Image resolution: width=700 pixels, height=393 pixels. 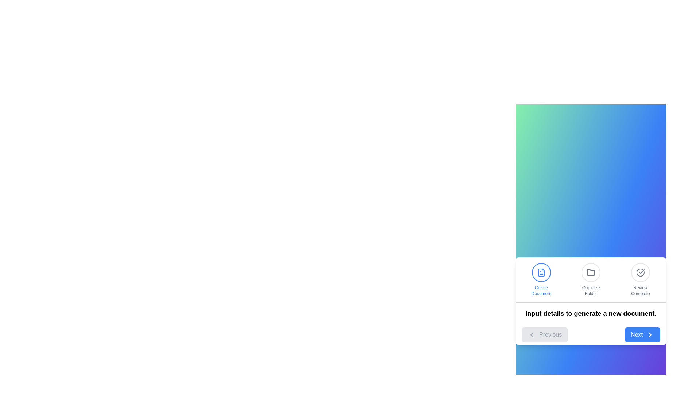 What do you see at coordinates (640, 279) in the screenshot?
I see `the step icon corresponding to Review Complete to navigate to that step` at bounding box center [640, 279].